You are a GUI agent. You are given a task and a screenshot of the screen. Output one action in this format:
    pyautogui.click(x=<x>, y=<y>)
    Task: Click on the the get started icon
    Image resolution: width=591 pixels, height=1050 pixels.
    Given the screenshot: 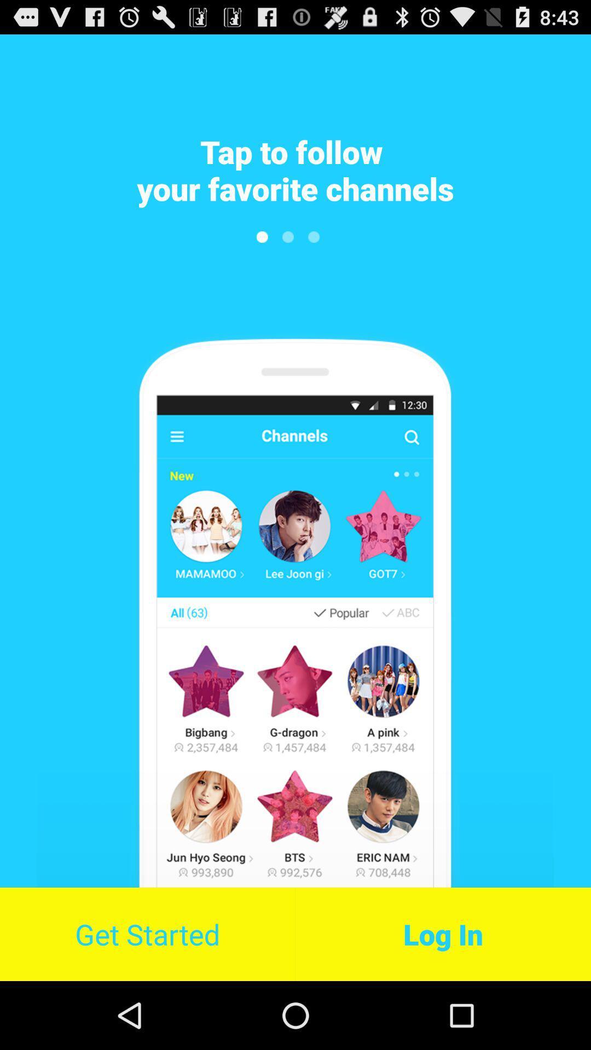 What is the action you would take?
    pyautogui.click(x=147, y=934)
    